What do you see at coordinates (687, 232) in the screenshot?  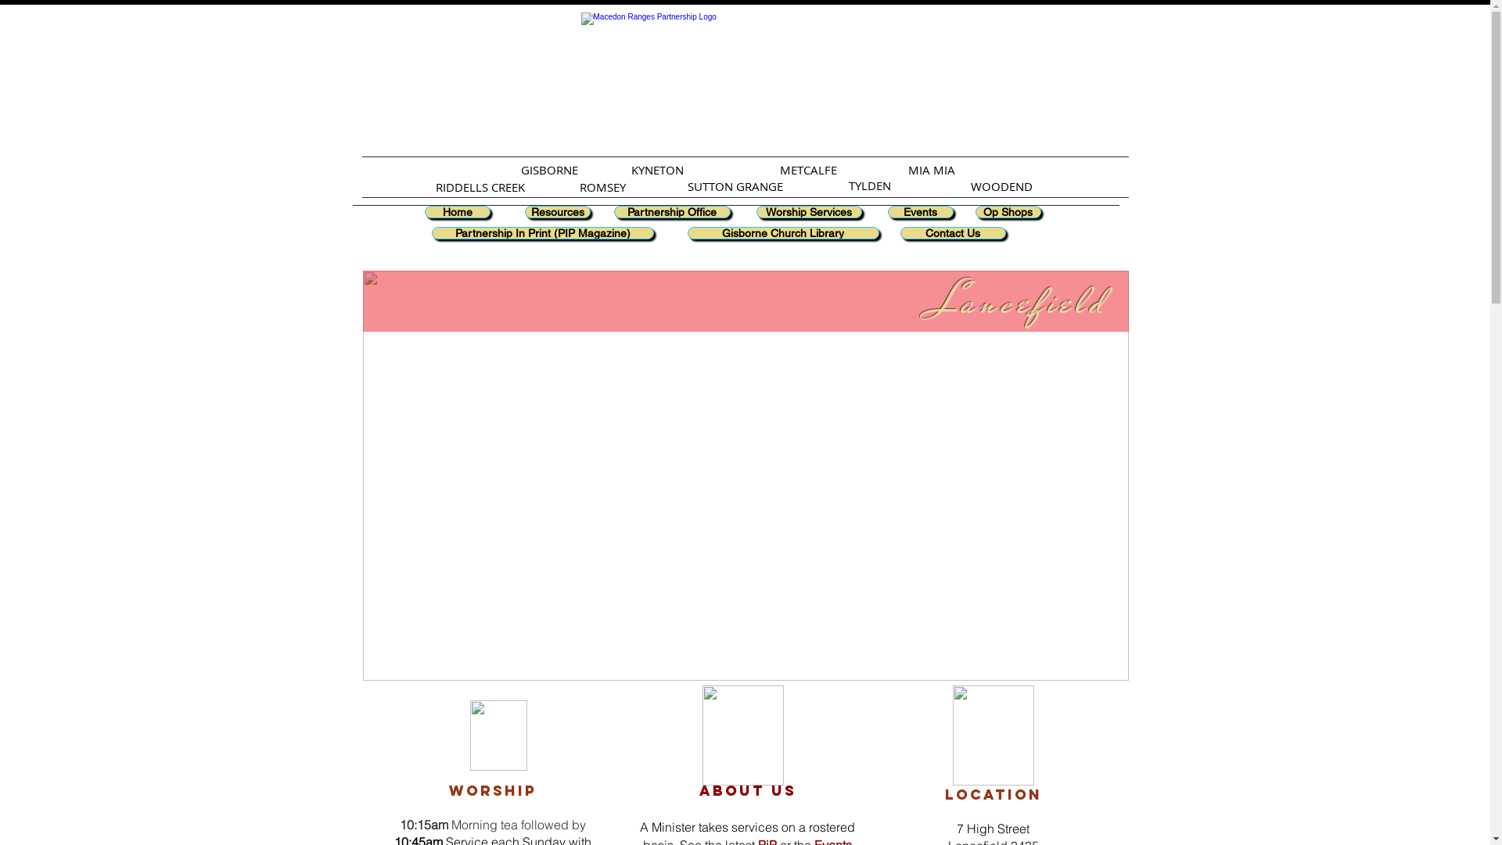 I see `'Gisborne Church Library'` at bounding box center [687, 232].